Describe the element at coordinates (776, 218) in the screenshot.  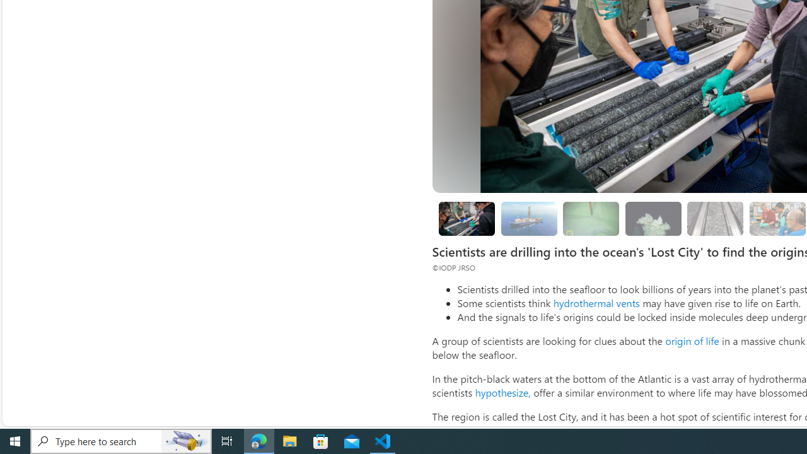
I see `'Looking for evidence of oxygen-free life'` at that location.